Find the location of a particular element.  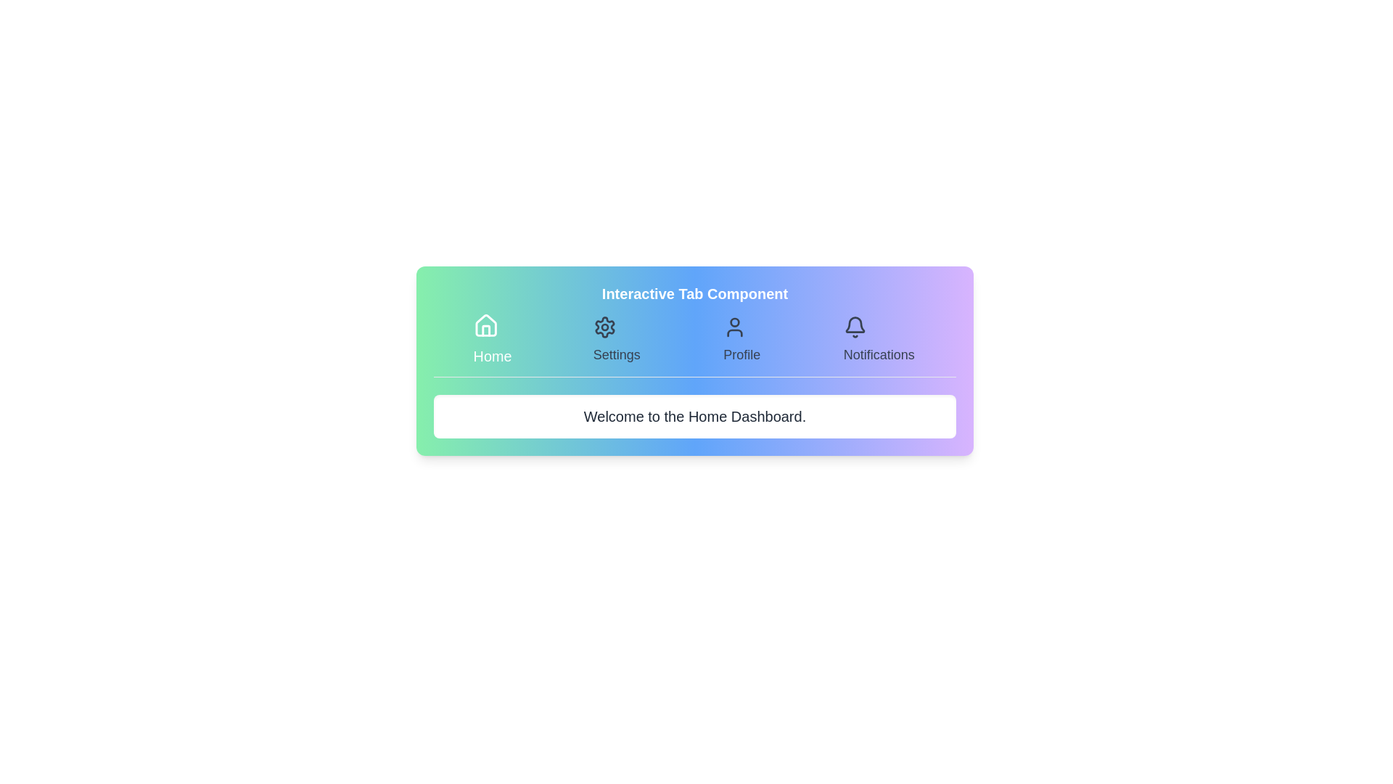

the Profile tab is located at coordinates (741, 340).